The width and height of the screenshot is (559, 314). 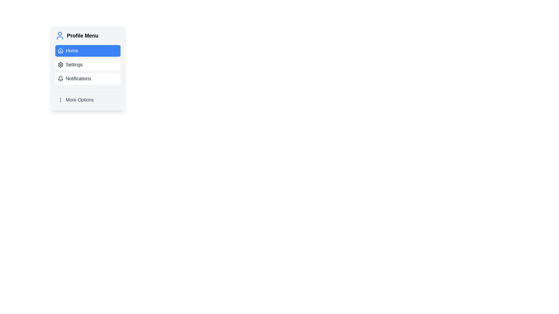 What do you see at coordinates (60, 36) in the screenshot?
I see `the user icon, which is a circular outline with a smaller circle for the head and a stylized torso inside, located at the top-left corner of the 'Profile Menu' section` at bounding box center [60, 36].